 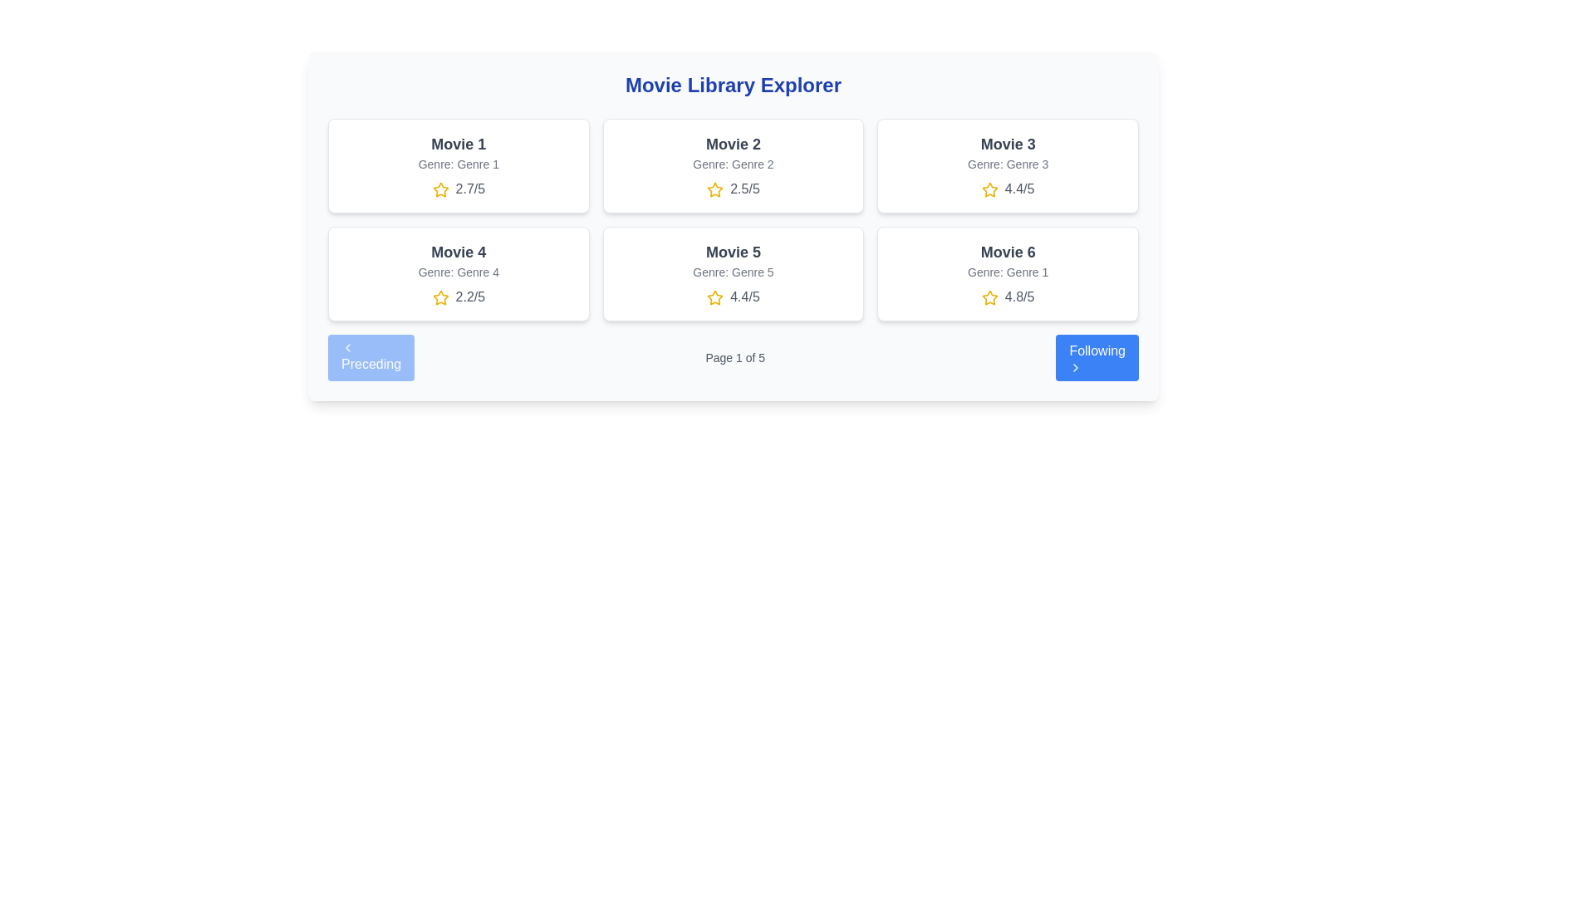 I want to click on the yellow star icon representing a rating element located in the second row, first column of the layout inside the card labeled 'Movie 4', so click(x=440, y=297).